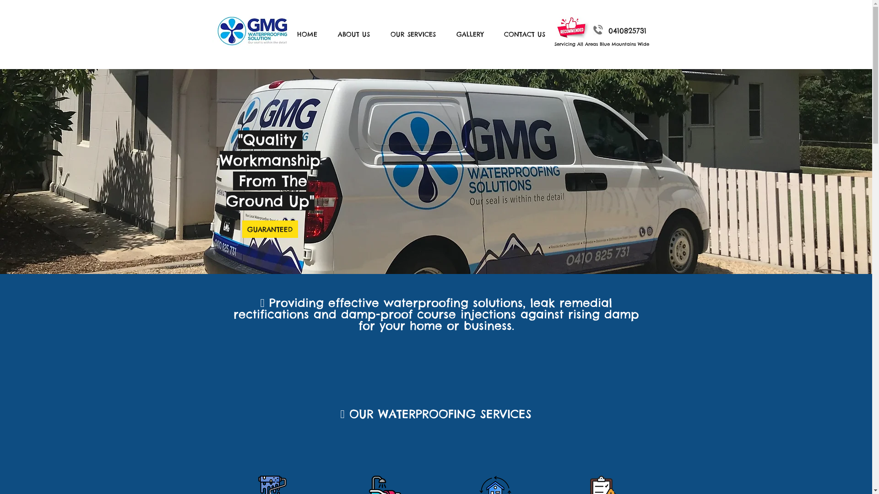  Describe the element at coordinates (330, 33) in the screenshot. I see `'ABOUT US'` at that location.